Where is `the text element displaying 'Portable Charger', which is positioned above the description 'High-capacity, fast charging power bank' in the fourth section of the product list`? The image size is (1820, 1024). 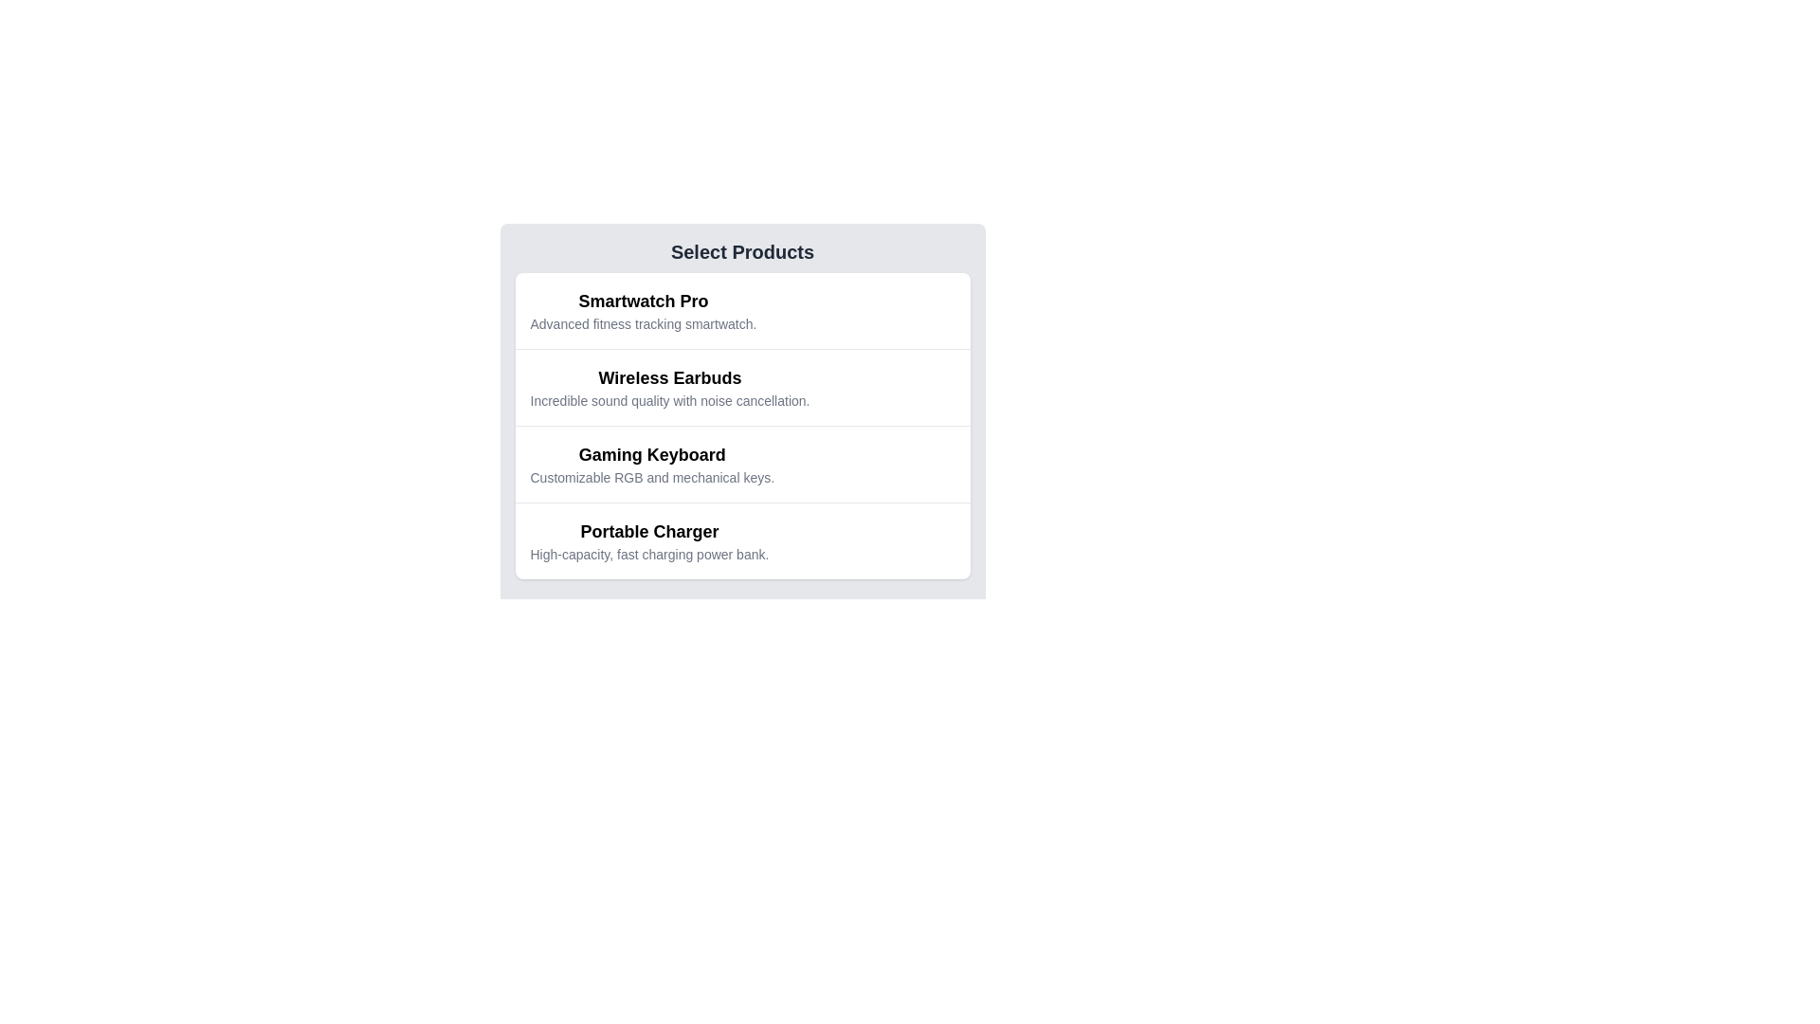
the text element displaying 'Portable Charger', which is positioned above the description 'High-capacity, fast charging power bank' in the fourth section of the product list is located at coordinates (649, 531).